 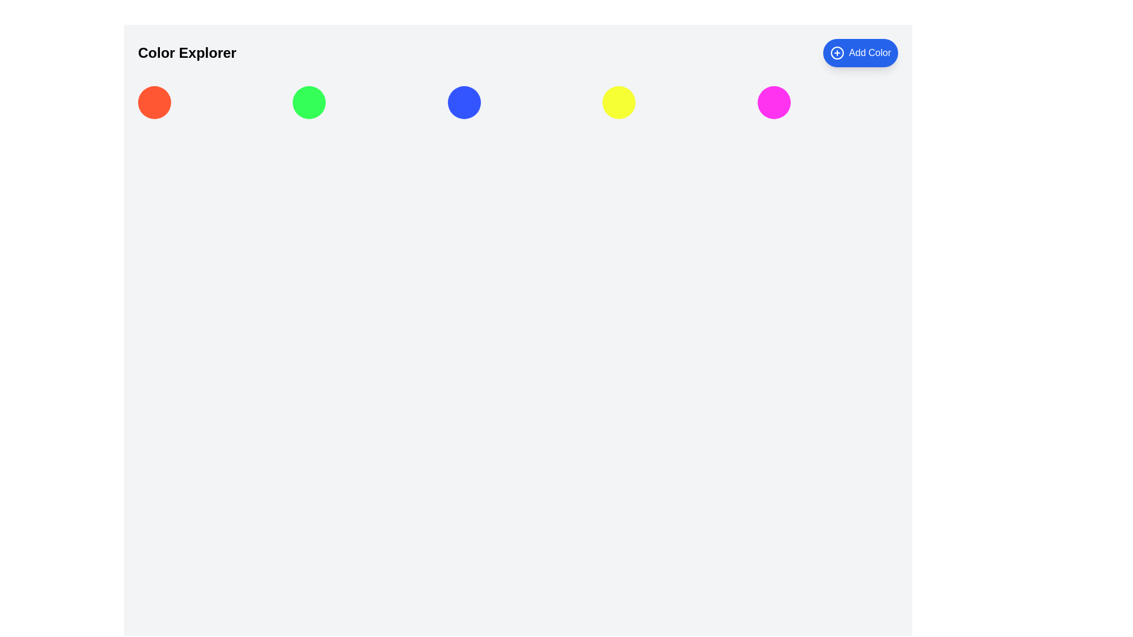 What do you see at coordinates (836, 52) in the screenshot?
I see `the circular icon within the 'Add Color' button, which has a blue background and is located at the top-right corner of the interface` at bounding box center [836, 52].